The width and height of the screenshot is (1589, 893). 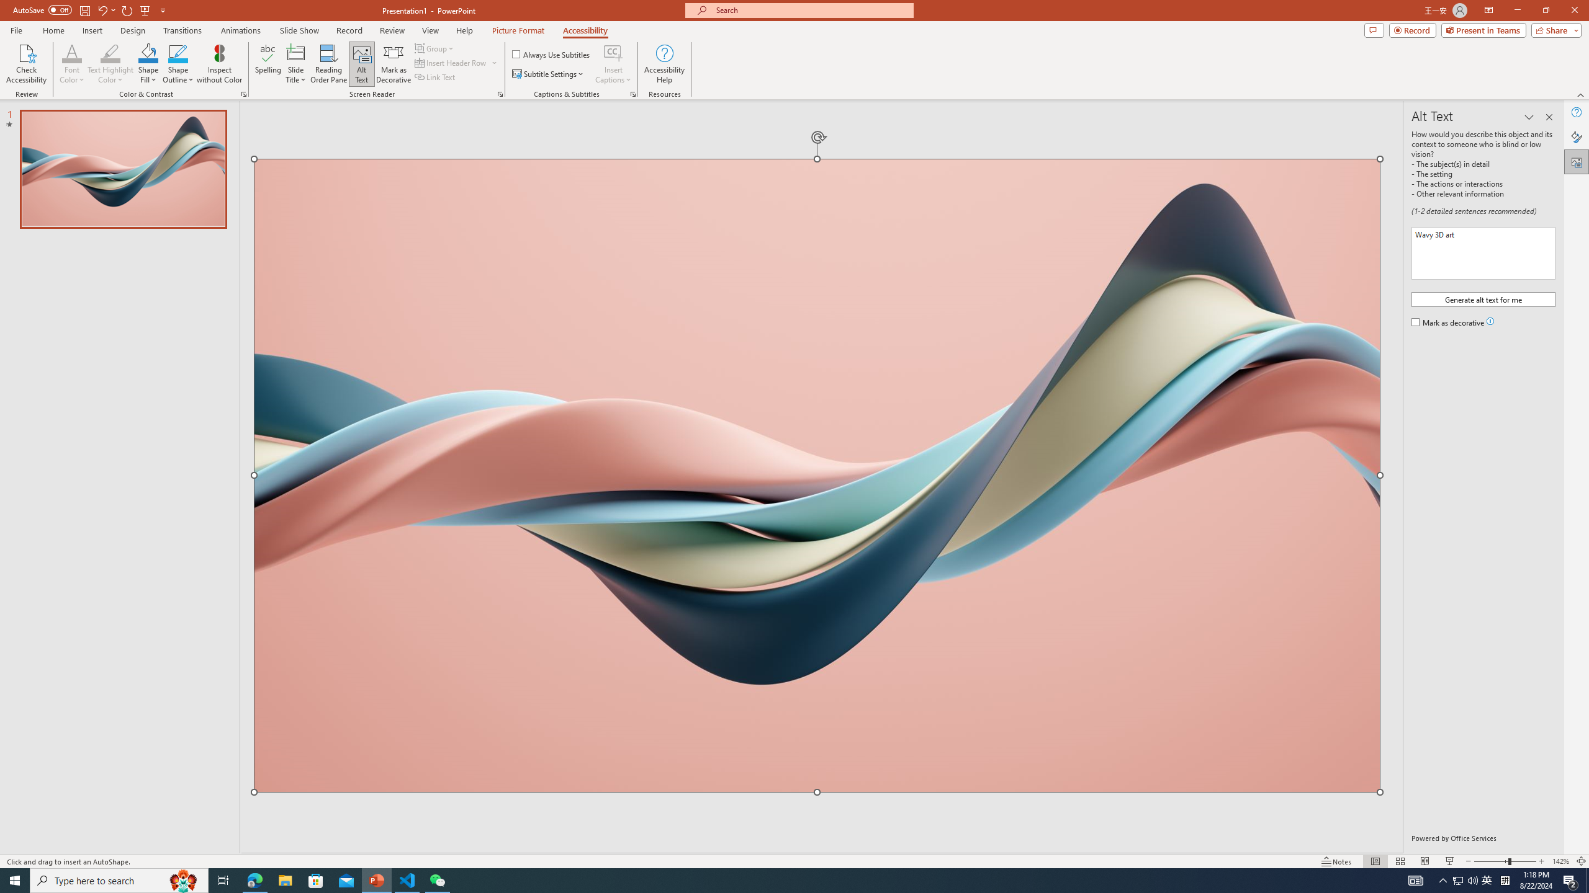 What do you see at coordinates (393, 64) in the screenshot?
I see `'Mark as Decorative'` at bounding box center [393, 64].